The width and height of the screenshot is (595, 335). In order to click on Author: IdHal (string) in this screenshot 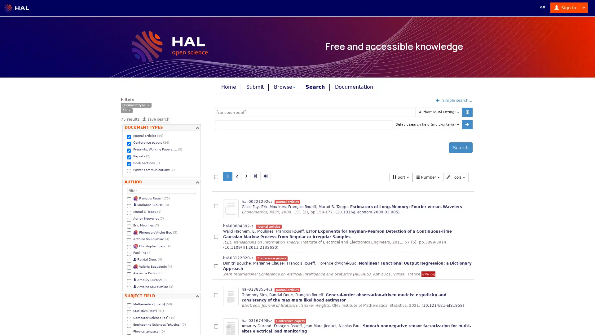, I will do `click(439, 112)`.